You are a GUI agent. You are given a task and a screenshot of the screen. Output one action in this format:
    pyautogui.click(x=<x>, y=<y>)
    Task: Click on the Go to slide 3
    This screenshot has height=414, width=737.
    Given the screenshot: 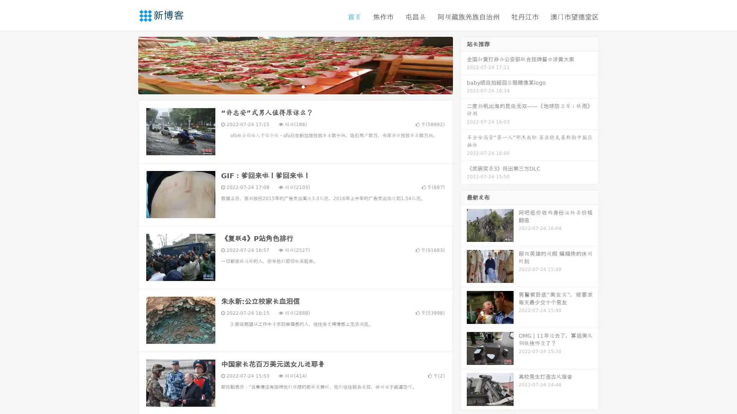 What is the action you would take?
    pyautogui.click(x=303, y=86)
    